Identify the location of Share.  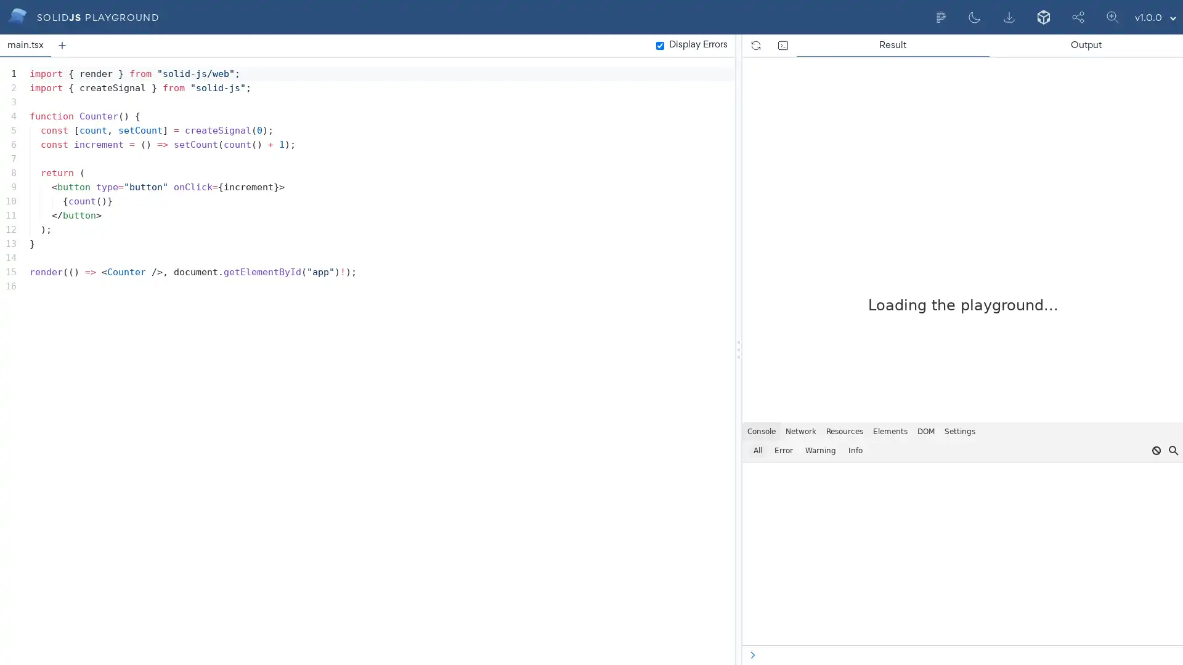
(1078, 17).